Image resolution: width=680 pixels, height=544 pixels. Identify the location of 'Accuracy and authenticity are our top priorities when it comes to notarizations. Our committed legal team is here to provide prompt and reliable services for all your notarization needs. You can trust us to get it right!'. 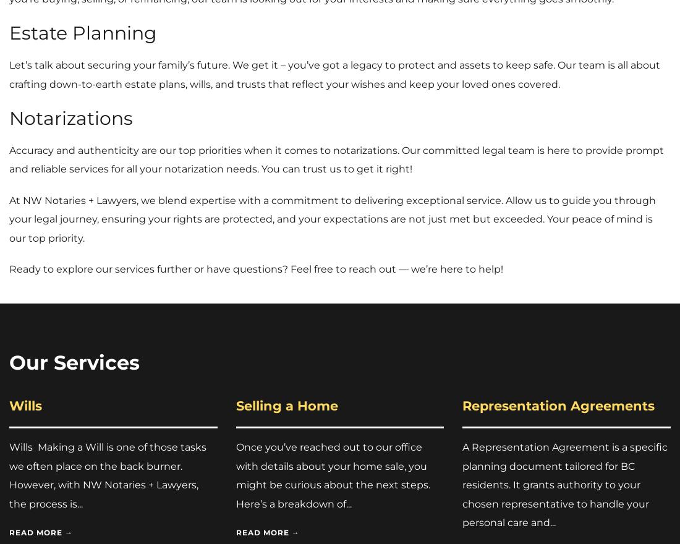
(8, 159).